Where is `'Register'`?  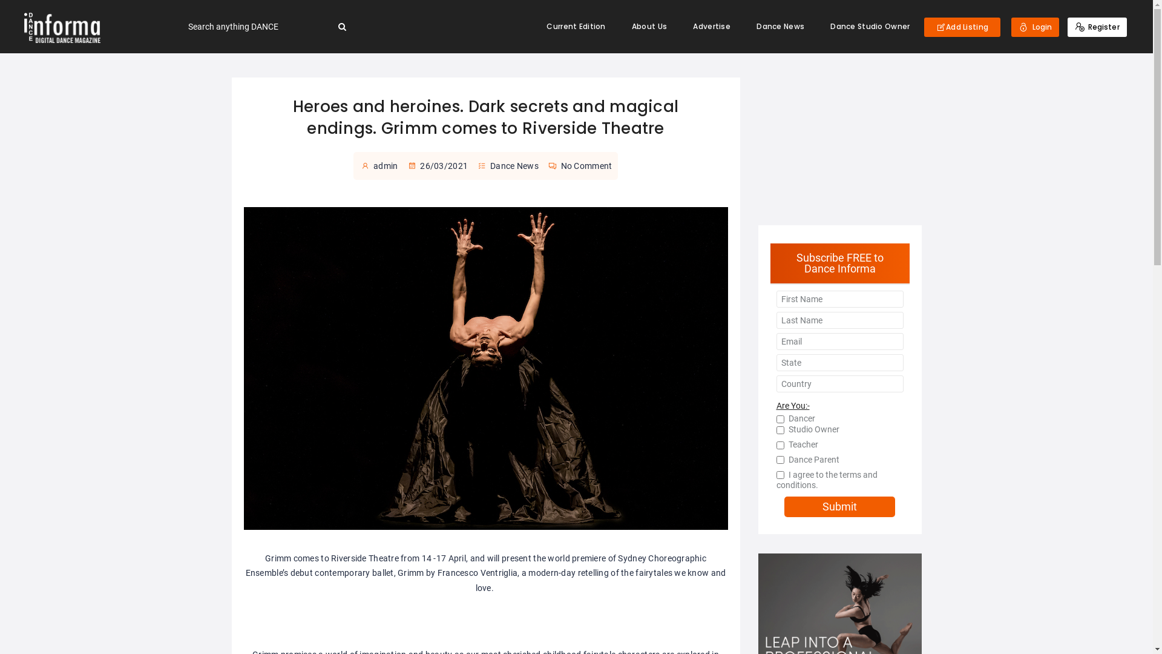
'Register' is located at coordinates (1097, 27).